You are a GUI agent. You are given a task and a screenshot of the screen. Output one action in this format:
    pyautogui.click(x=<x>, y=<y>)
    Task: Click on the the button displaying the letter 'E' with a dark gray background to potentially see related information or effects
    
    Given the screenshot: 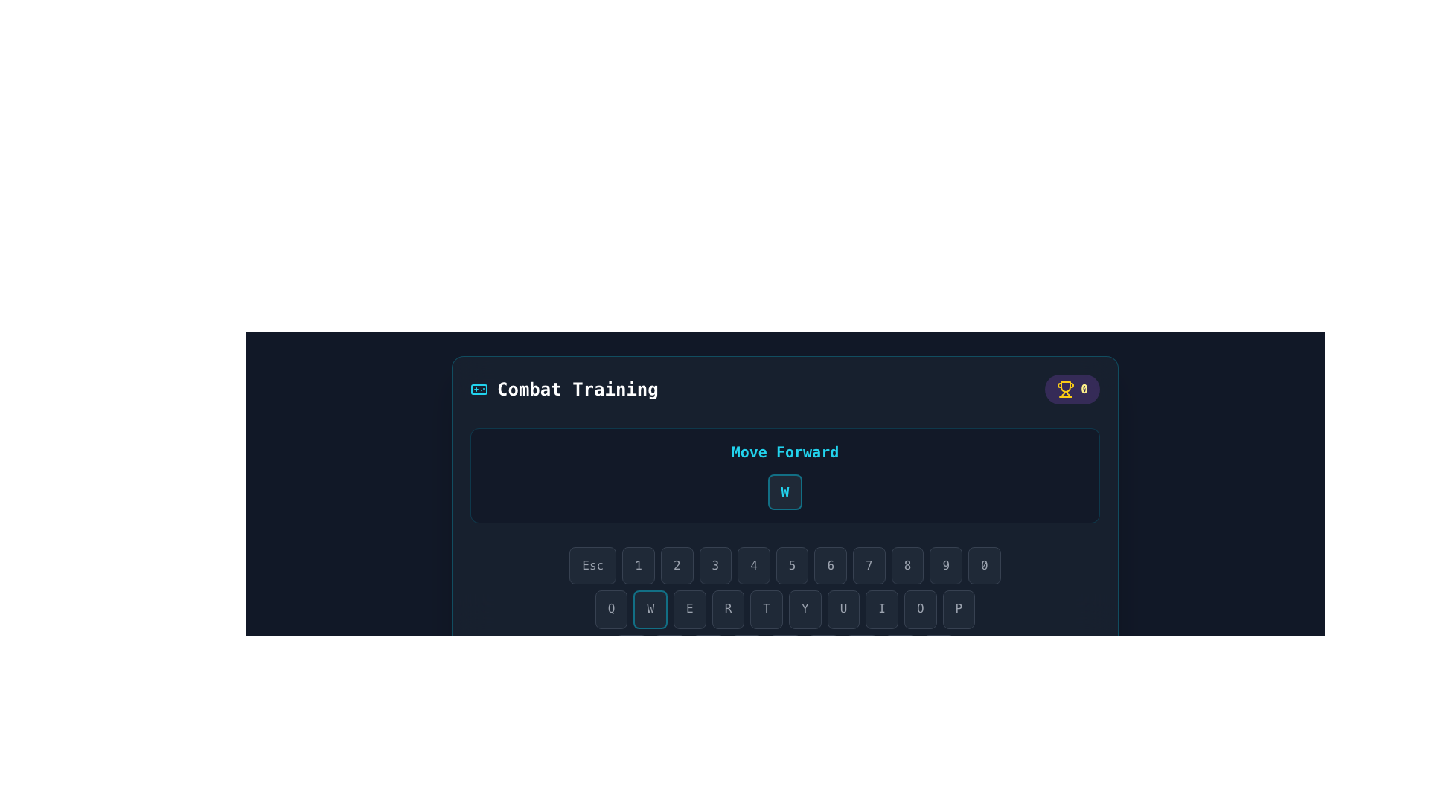 What is the action you would take?
    pyautogui.click(x=688, y=610)
    